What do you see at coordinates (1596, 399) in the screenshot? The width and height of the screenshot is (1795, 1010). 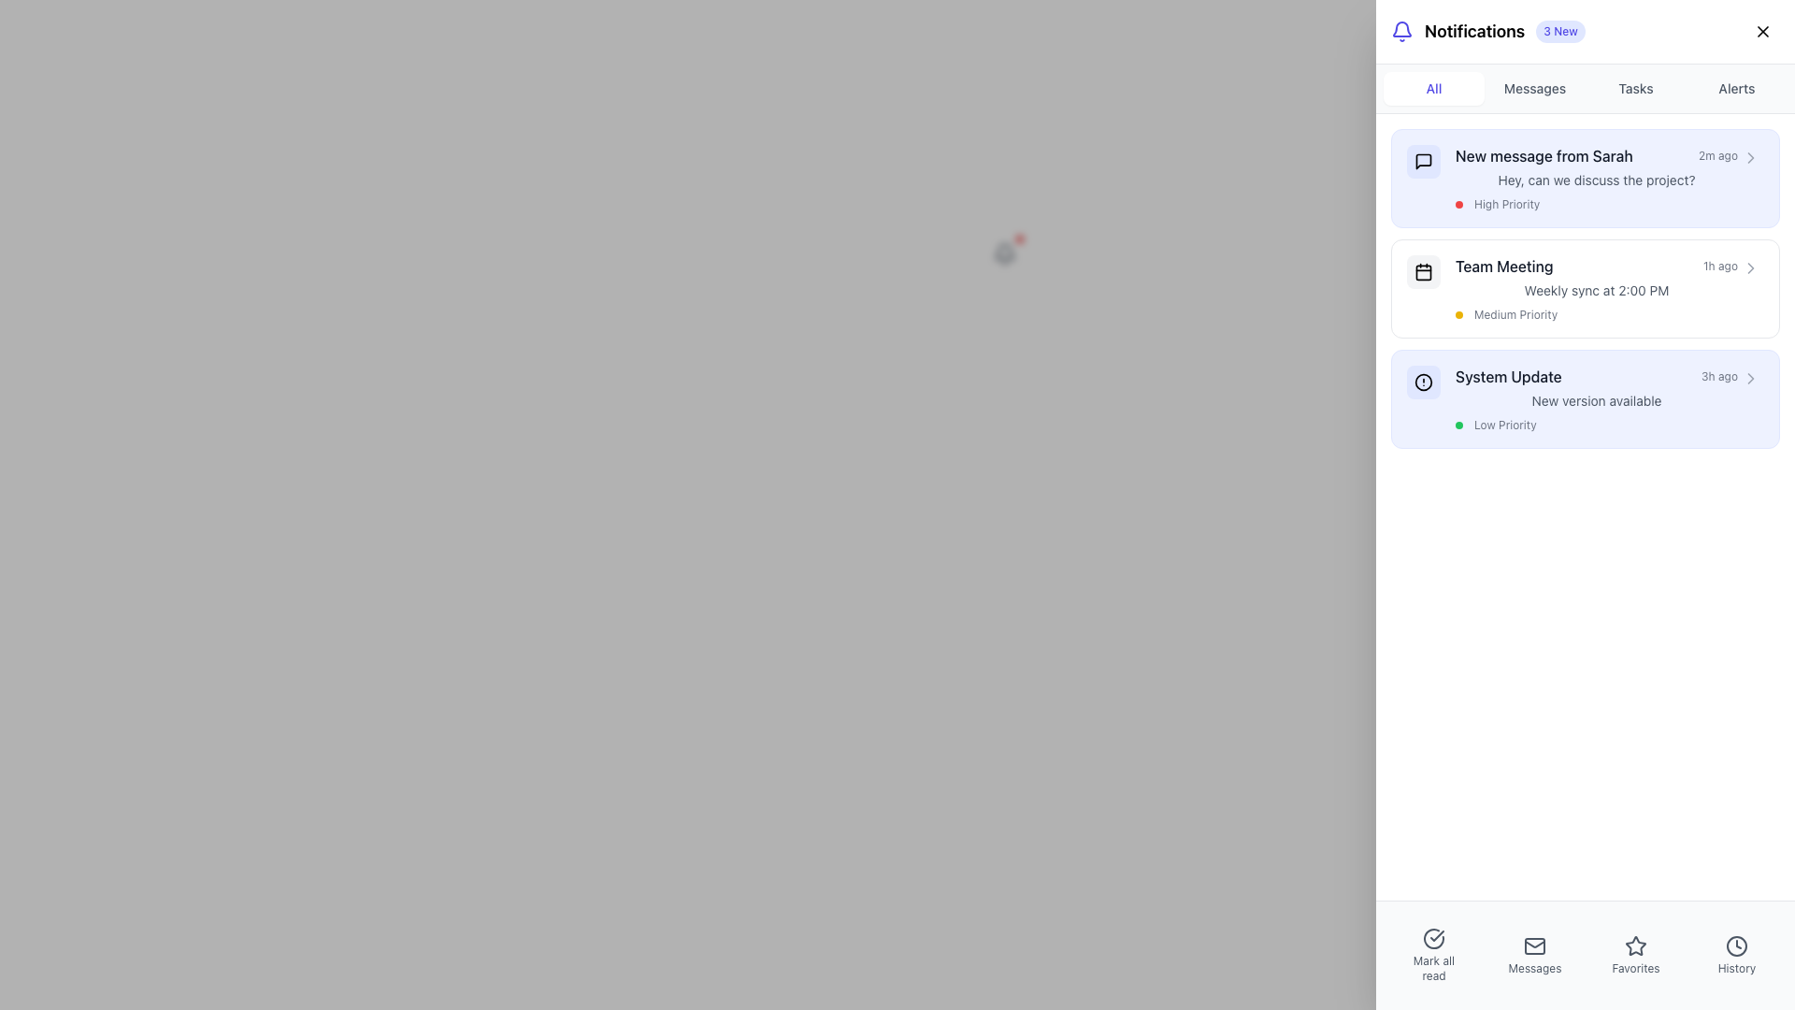 I see `the informational text label within the third notification in the notification panel, located below the title 'System Update' and above the priority indicator 'Low Priority'` at bounding box center [1596, 399].